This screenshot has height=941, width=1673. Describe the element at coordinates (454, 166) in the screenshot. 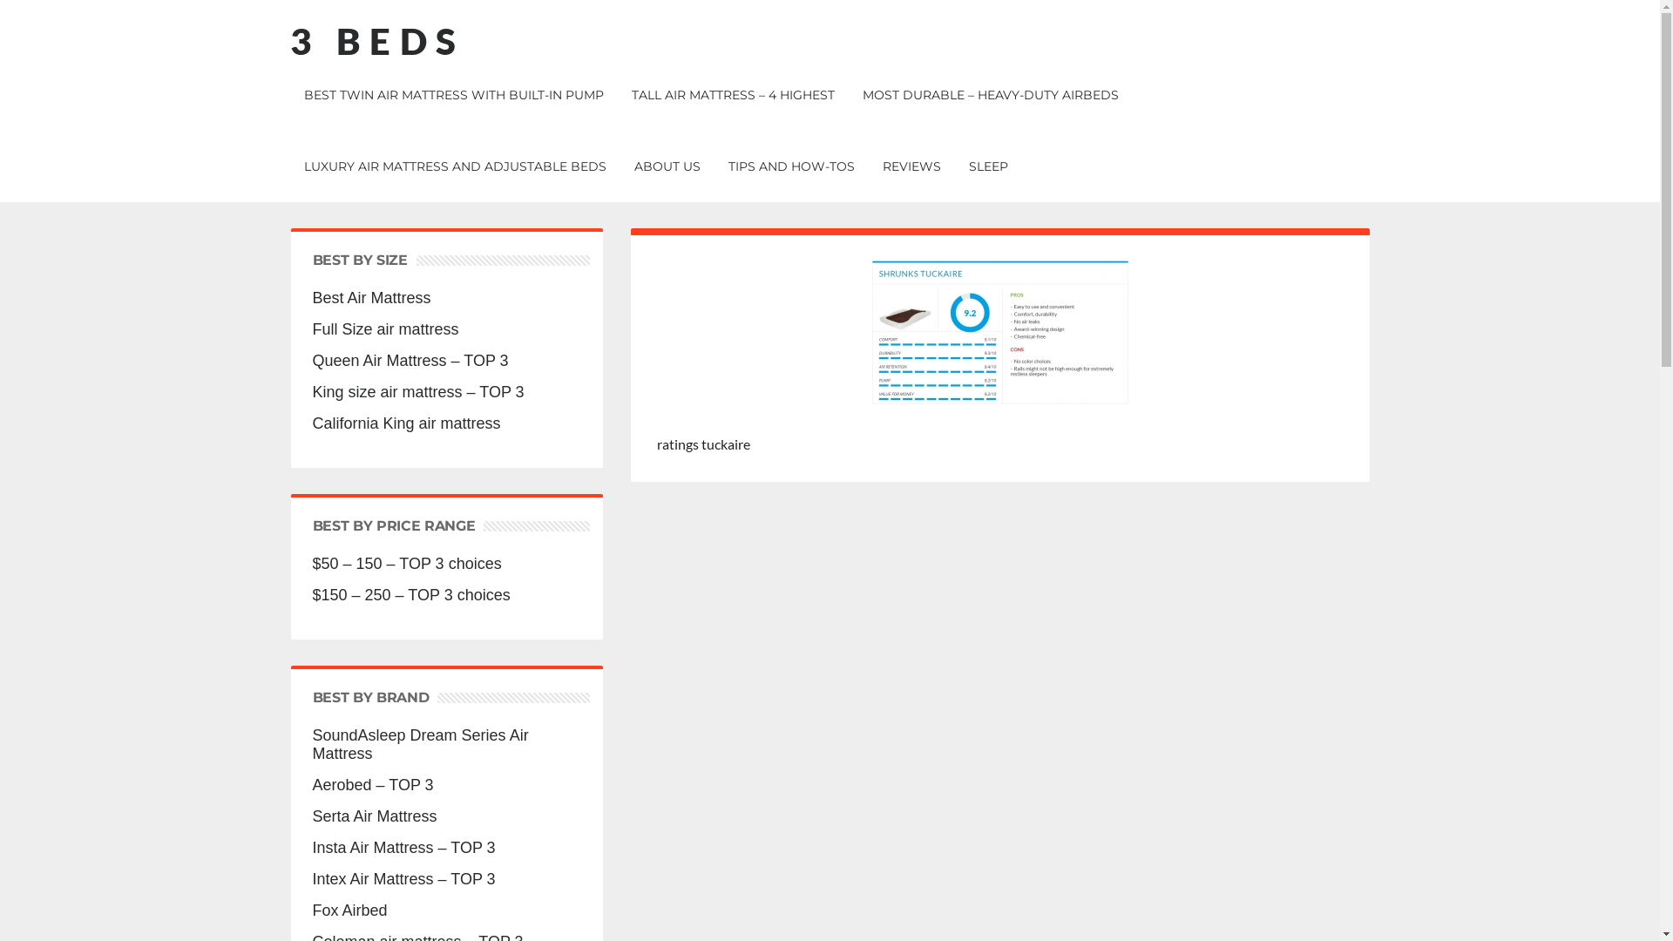

I see `'LUXURY AIR MATTRESS AND ADJUSTABLE BEDS'` at that location.